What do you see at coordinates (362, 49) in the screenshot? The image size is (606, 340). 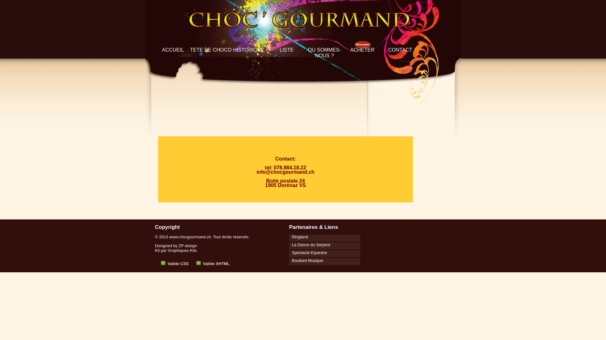 I see `'ACHETER'` at bounding box center [362, 49].